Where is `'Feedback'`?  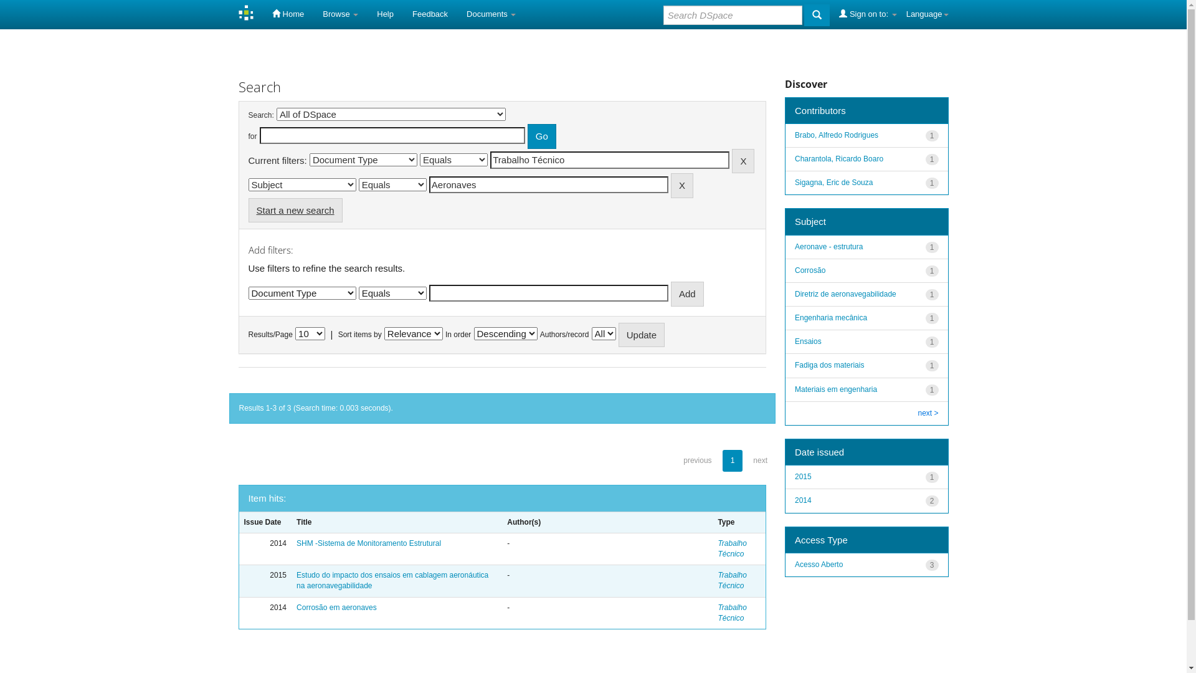 'Feedback' is located at coordinates (403, 14).